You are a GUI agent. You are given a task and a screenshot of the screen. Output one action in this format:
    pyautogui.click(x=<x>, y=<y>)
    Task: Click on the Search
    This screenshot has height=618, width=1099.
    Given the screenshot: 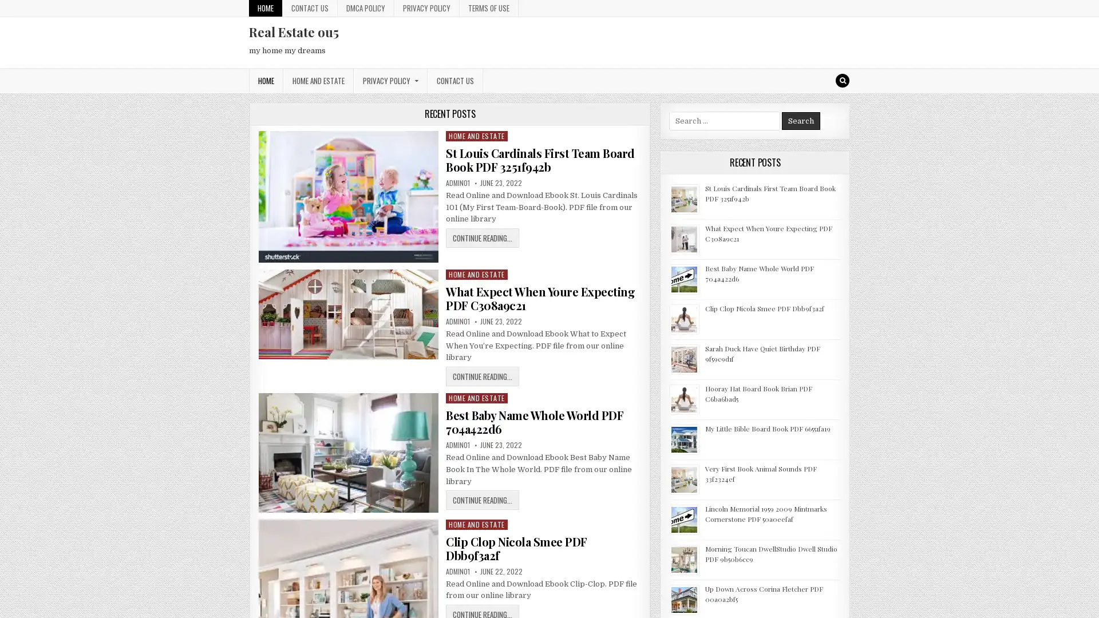 What is the action you would take?
    pyautogui.click(x=800, y=121)
    